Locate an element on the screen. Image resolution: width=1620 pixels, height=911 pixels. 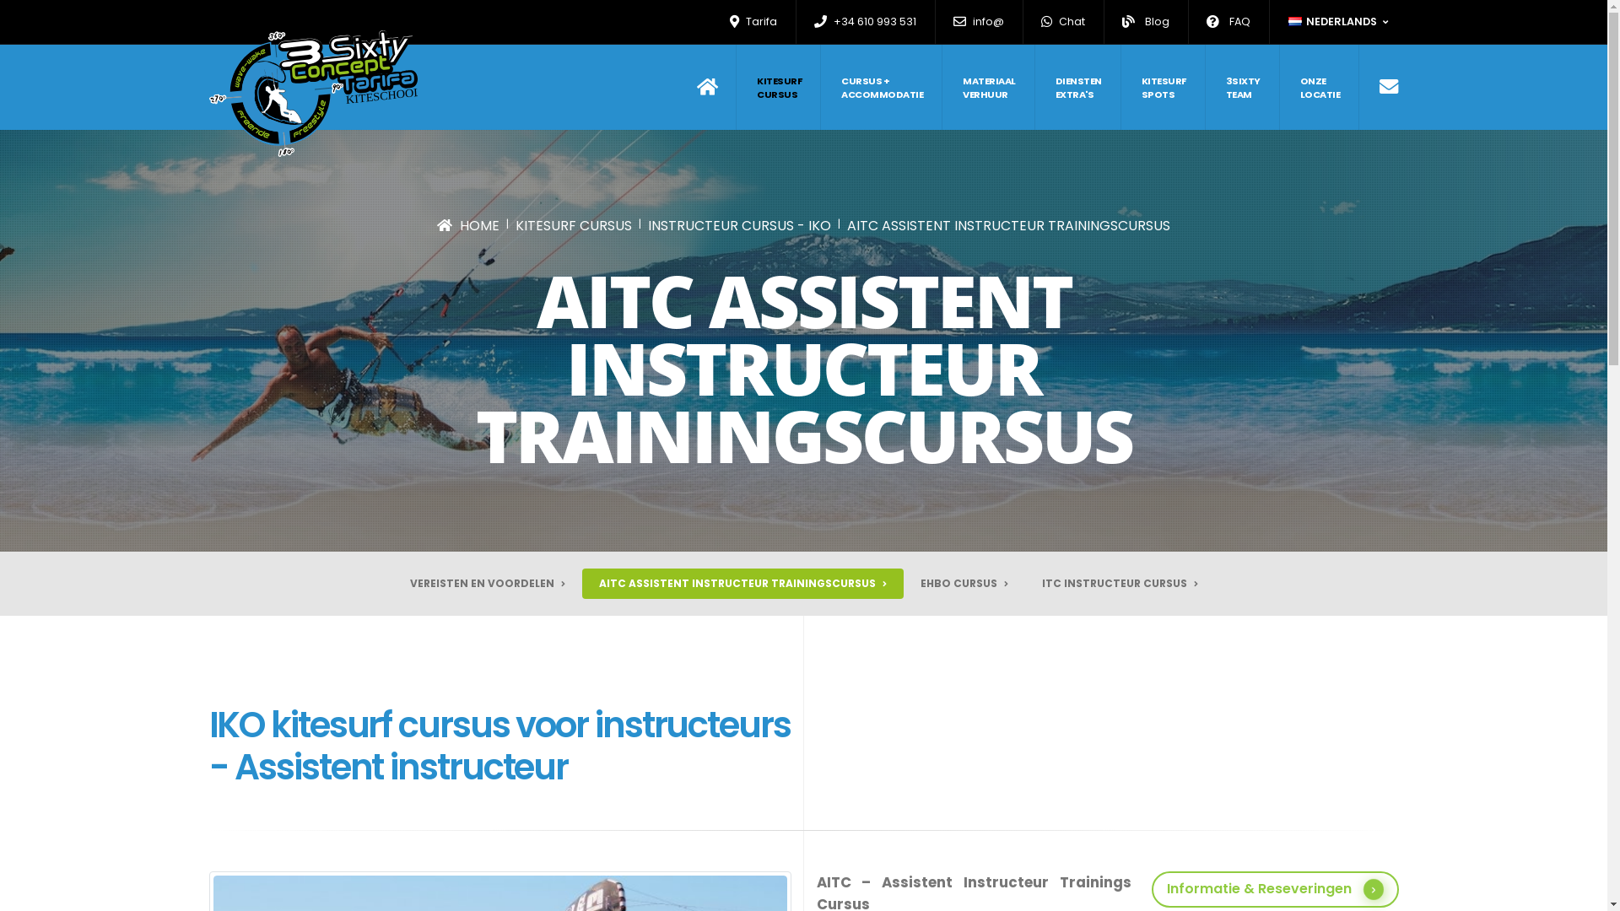
'FAQ' is located at coordinates (1228, 22).